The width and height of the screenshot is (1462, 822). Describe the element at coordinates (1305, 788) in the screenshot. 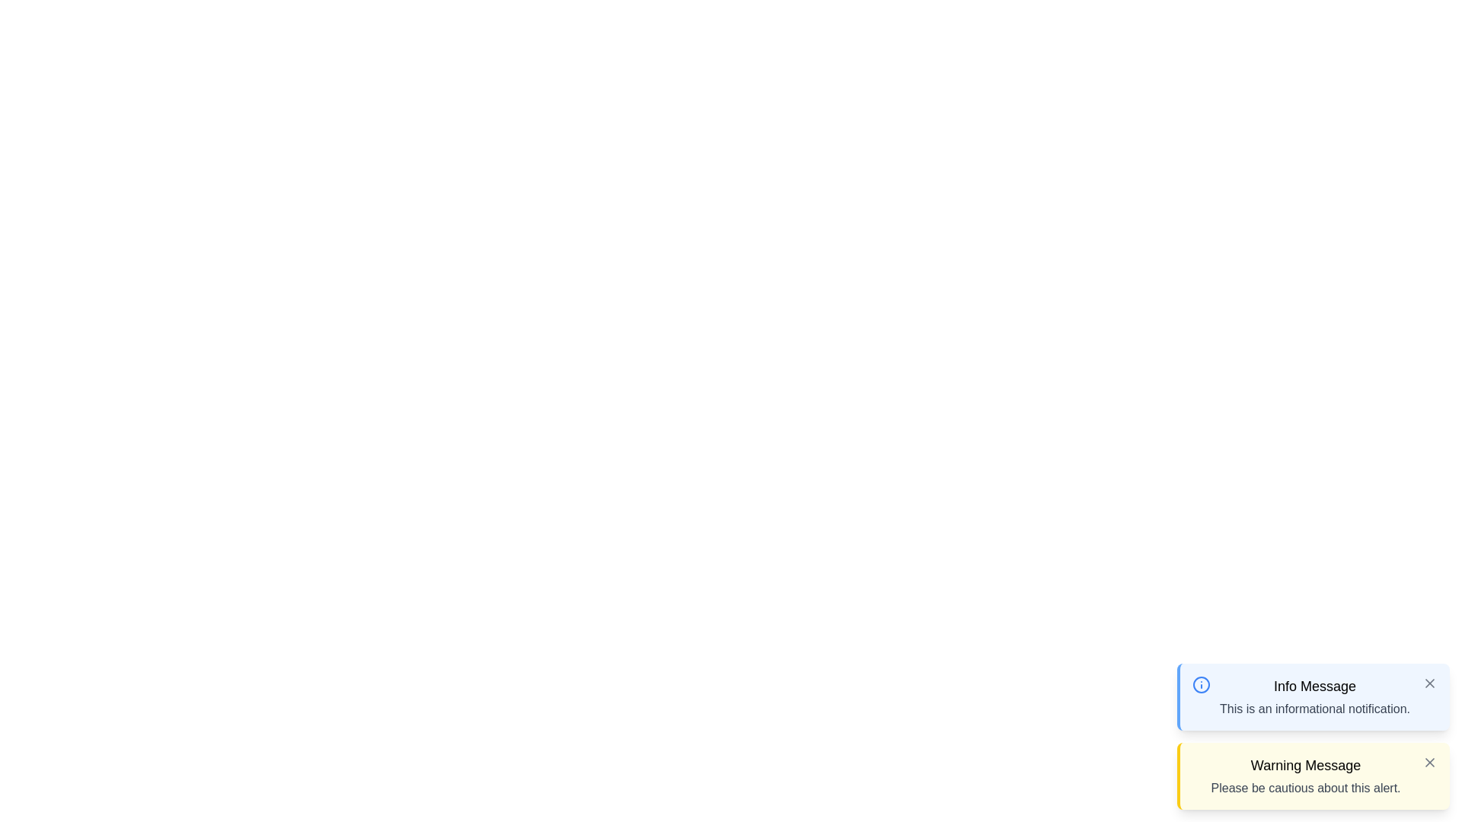

I see `the static text reading 'Please be cautious about this alert.' which is styled in gray and appears in a warning message interface with a yellow background` at that location.